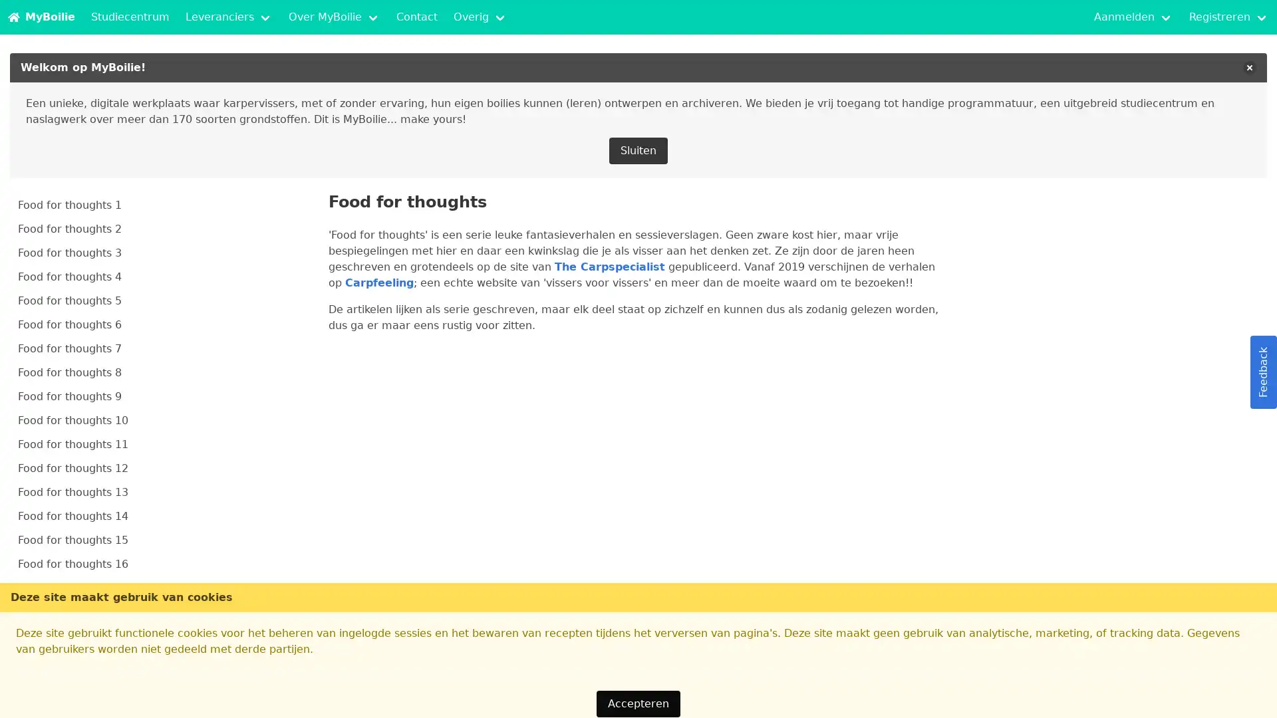  Describe the element at coordinates (638, 150) in the screenshot. I see `Sluiten` at that location.